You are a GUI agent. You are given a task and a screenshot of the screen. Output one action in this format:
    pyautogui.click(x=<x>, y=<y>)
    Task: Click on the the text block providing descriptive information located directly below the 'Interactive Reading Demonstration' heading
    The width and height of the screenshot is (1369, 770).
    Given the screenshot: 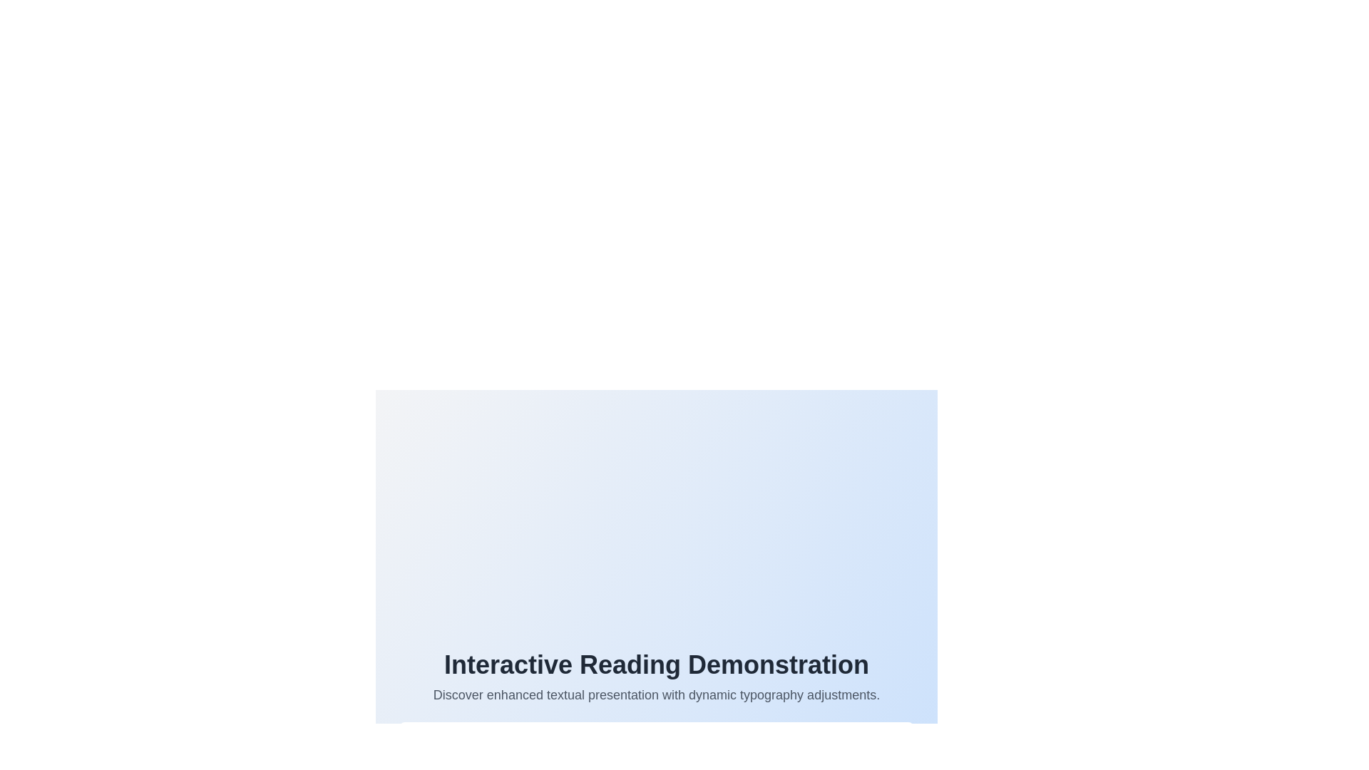 What is the action you would take?
    pyautogui.click(x=656, y=694)
    